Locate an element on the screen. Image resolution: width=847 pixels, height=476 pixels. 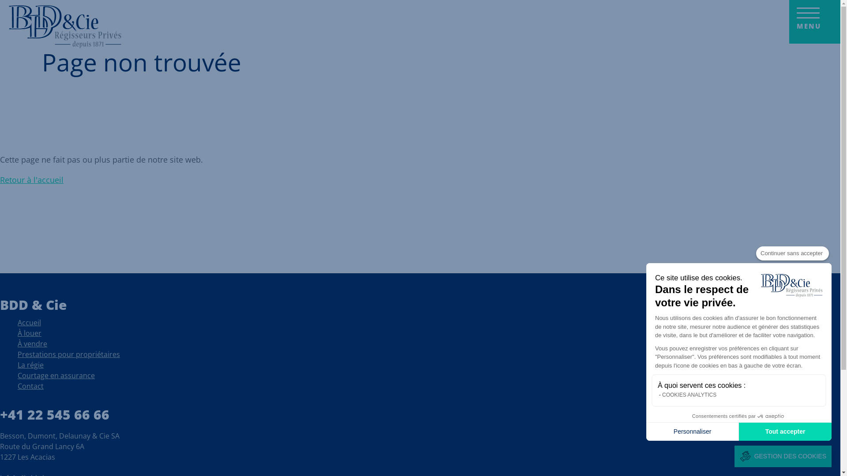
'MENU' is located at coordinates (814, 21).